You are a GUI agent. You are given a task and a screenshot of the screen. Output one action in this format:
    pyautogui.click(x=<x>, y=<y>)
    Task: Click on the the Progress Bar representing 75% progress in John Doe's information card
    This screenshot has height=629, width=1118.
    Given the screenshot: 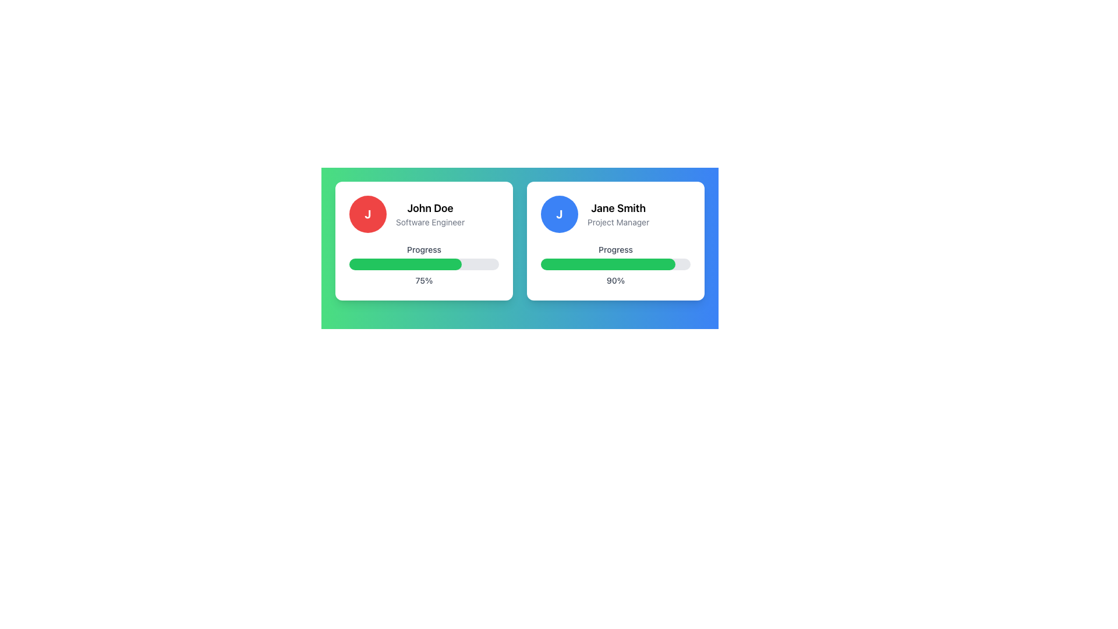 What is the action you would take?
    pyautogui.click(x=423, y=264)
    